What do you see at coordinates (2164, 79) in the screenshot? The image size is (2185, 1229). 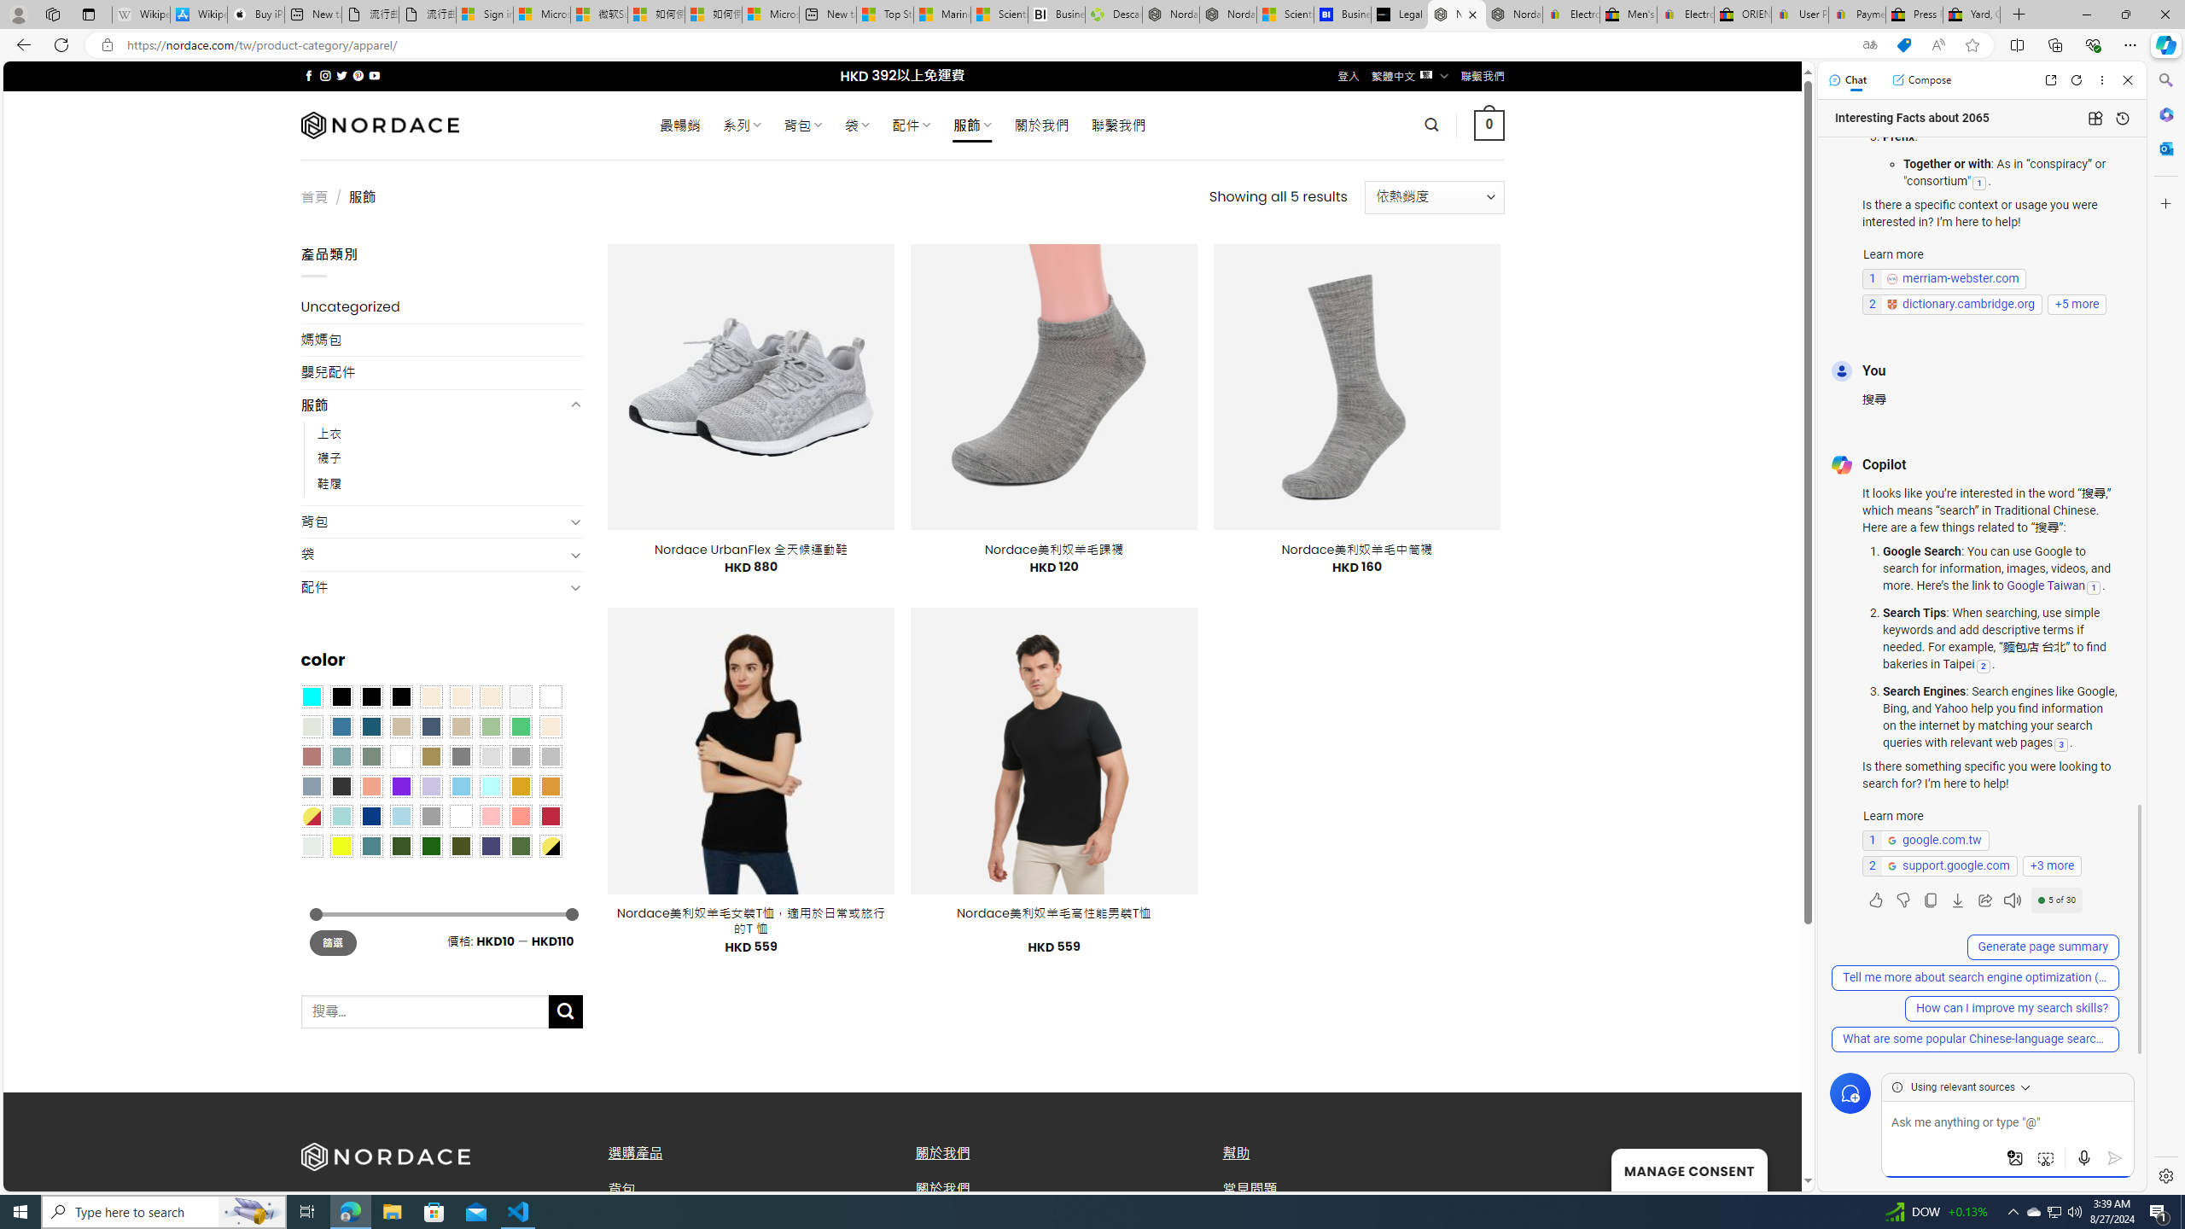 I see `'Minimize Search pane'` at bounding box center [2164, 79].